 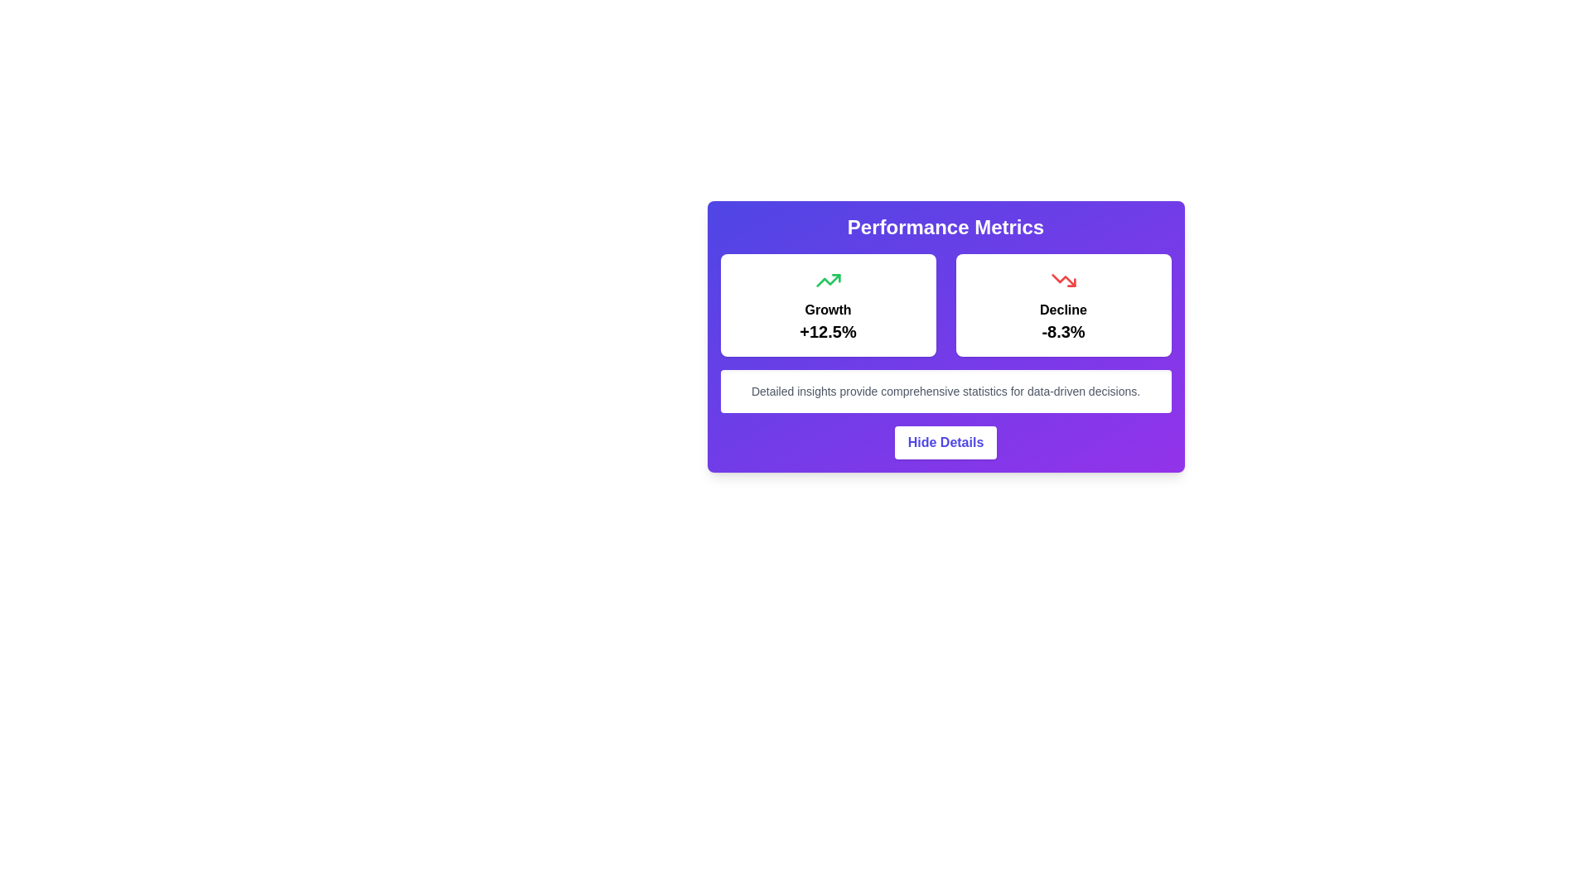 What do you see at coordinates (945, 227) in the screenshot?
I see `the title heading of the card component, which is clearly positioned at the top and serves as an indication of the content enclosed within the card` at bounding box center [945, 227].